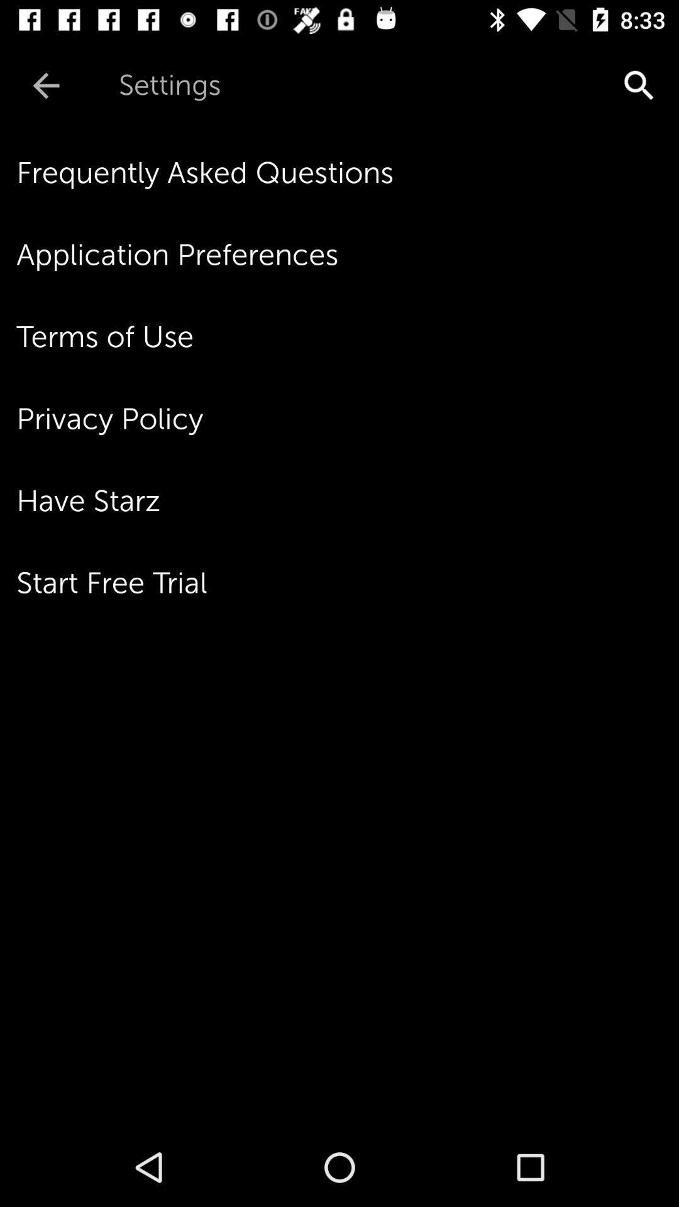  What do you see at coordinates (348, 337) in the screenshot?
I see `the terms of use` at bounding box center [348, 337].